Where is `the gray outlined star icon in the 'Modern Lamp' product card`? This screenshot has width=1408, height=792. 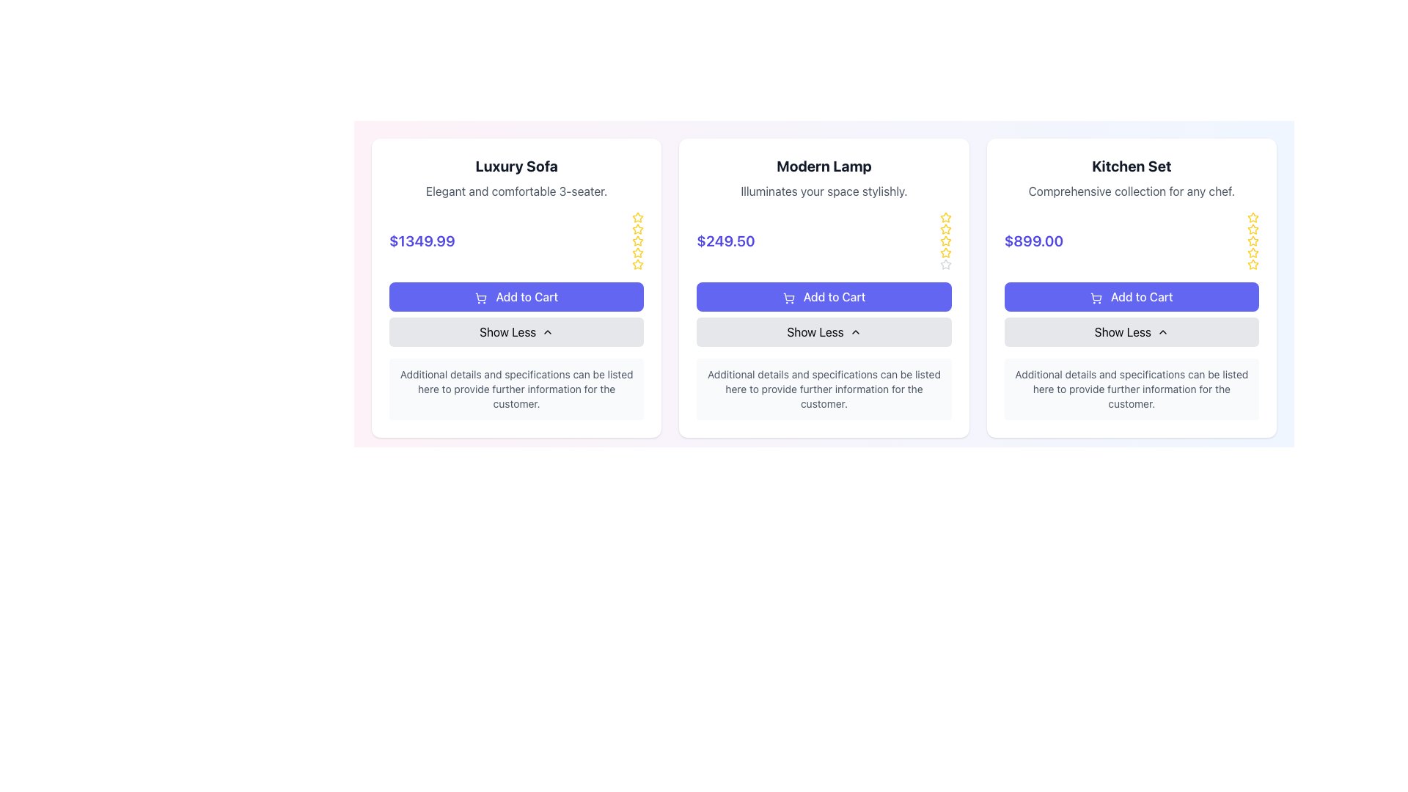 the gray outlined star icon in the 'Modern Lamp' product card is located at coordinates (945, 265).